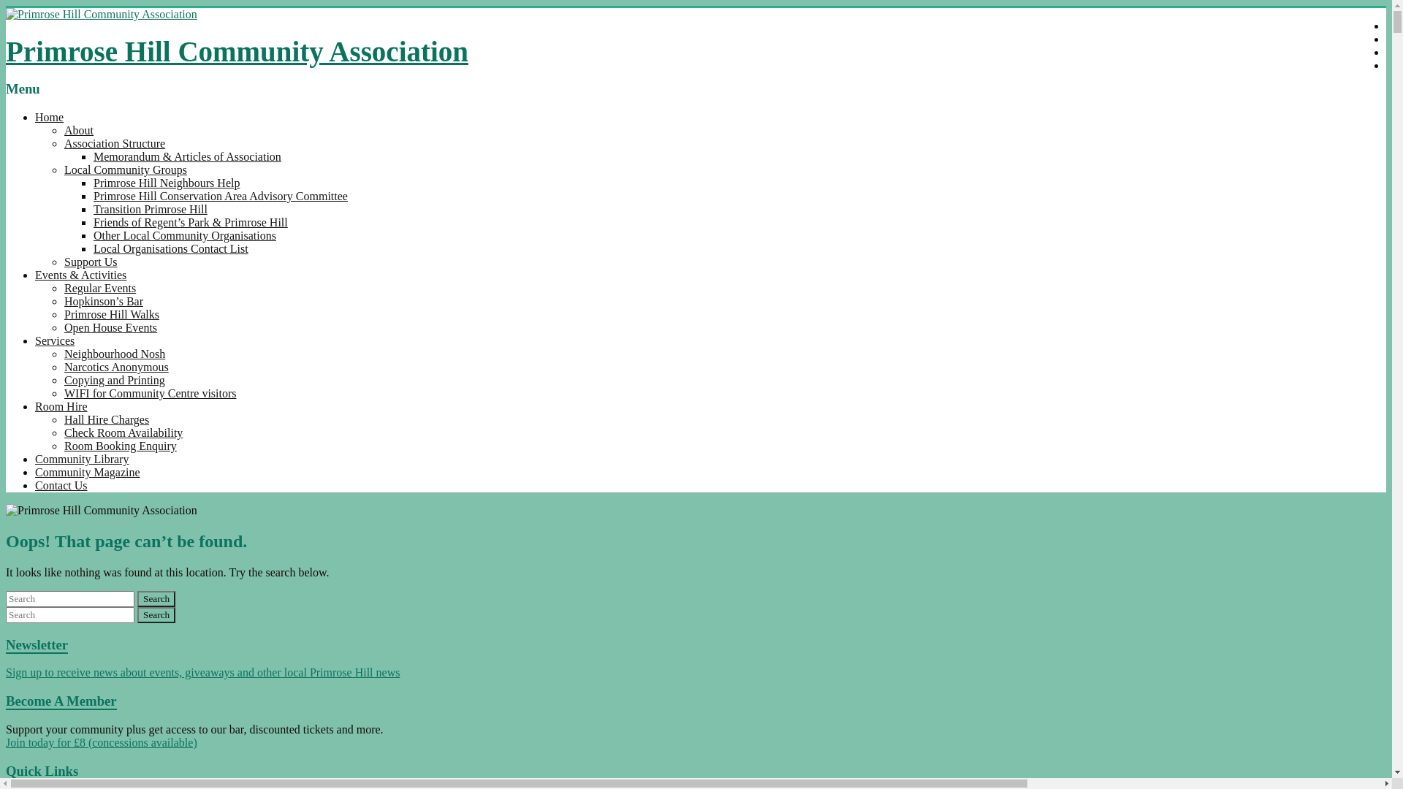  I want to click on 'Search', so click(156, 599).